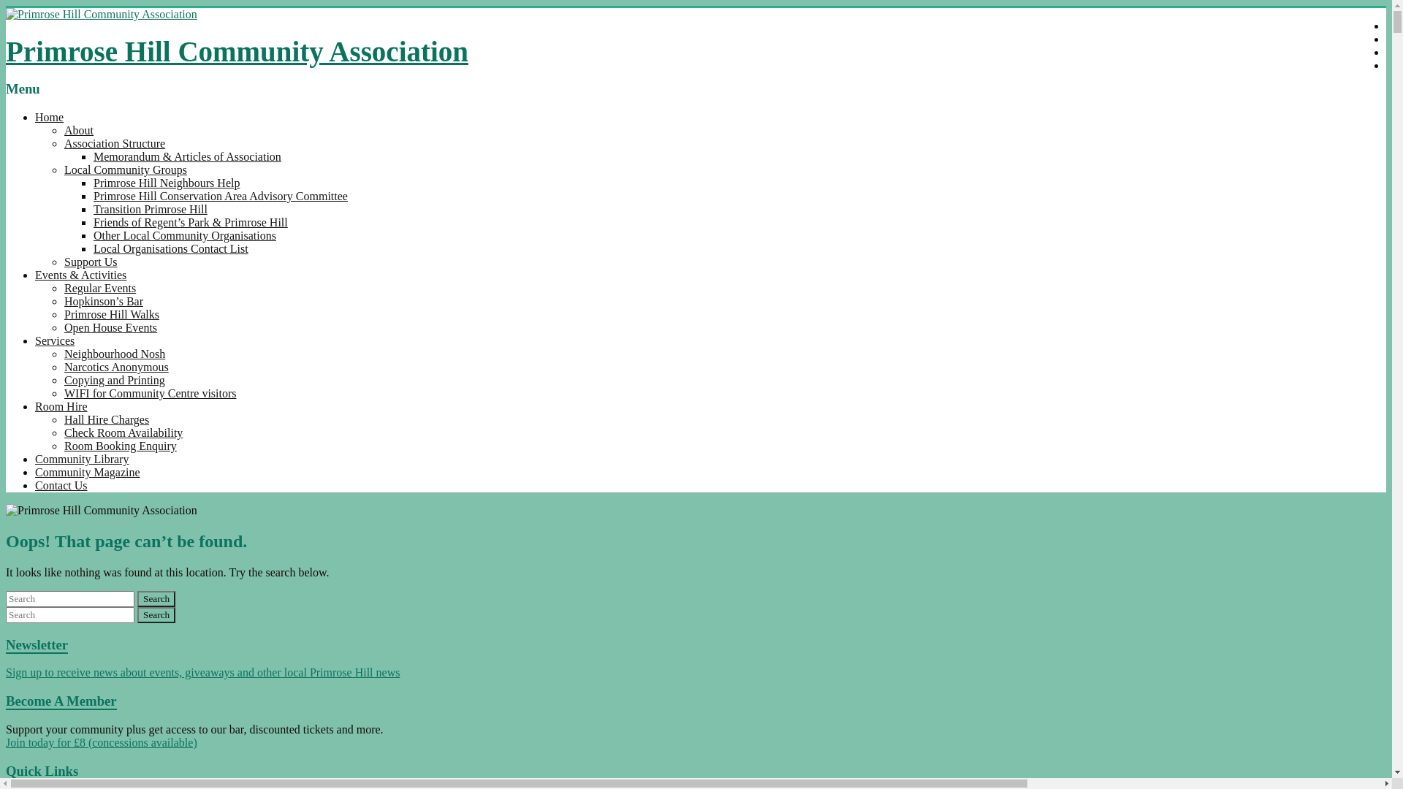  I want to click on 'Search', so click(156, 599).